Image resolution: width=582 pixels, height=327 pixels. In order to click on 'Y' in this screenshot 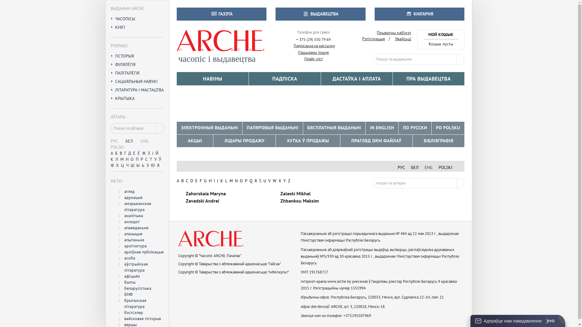, I will do `click(284, 180)`.